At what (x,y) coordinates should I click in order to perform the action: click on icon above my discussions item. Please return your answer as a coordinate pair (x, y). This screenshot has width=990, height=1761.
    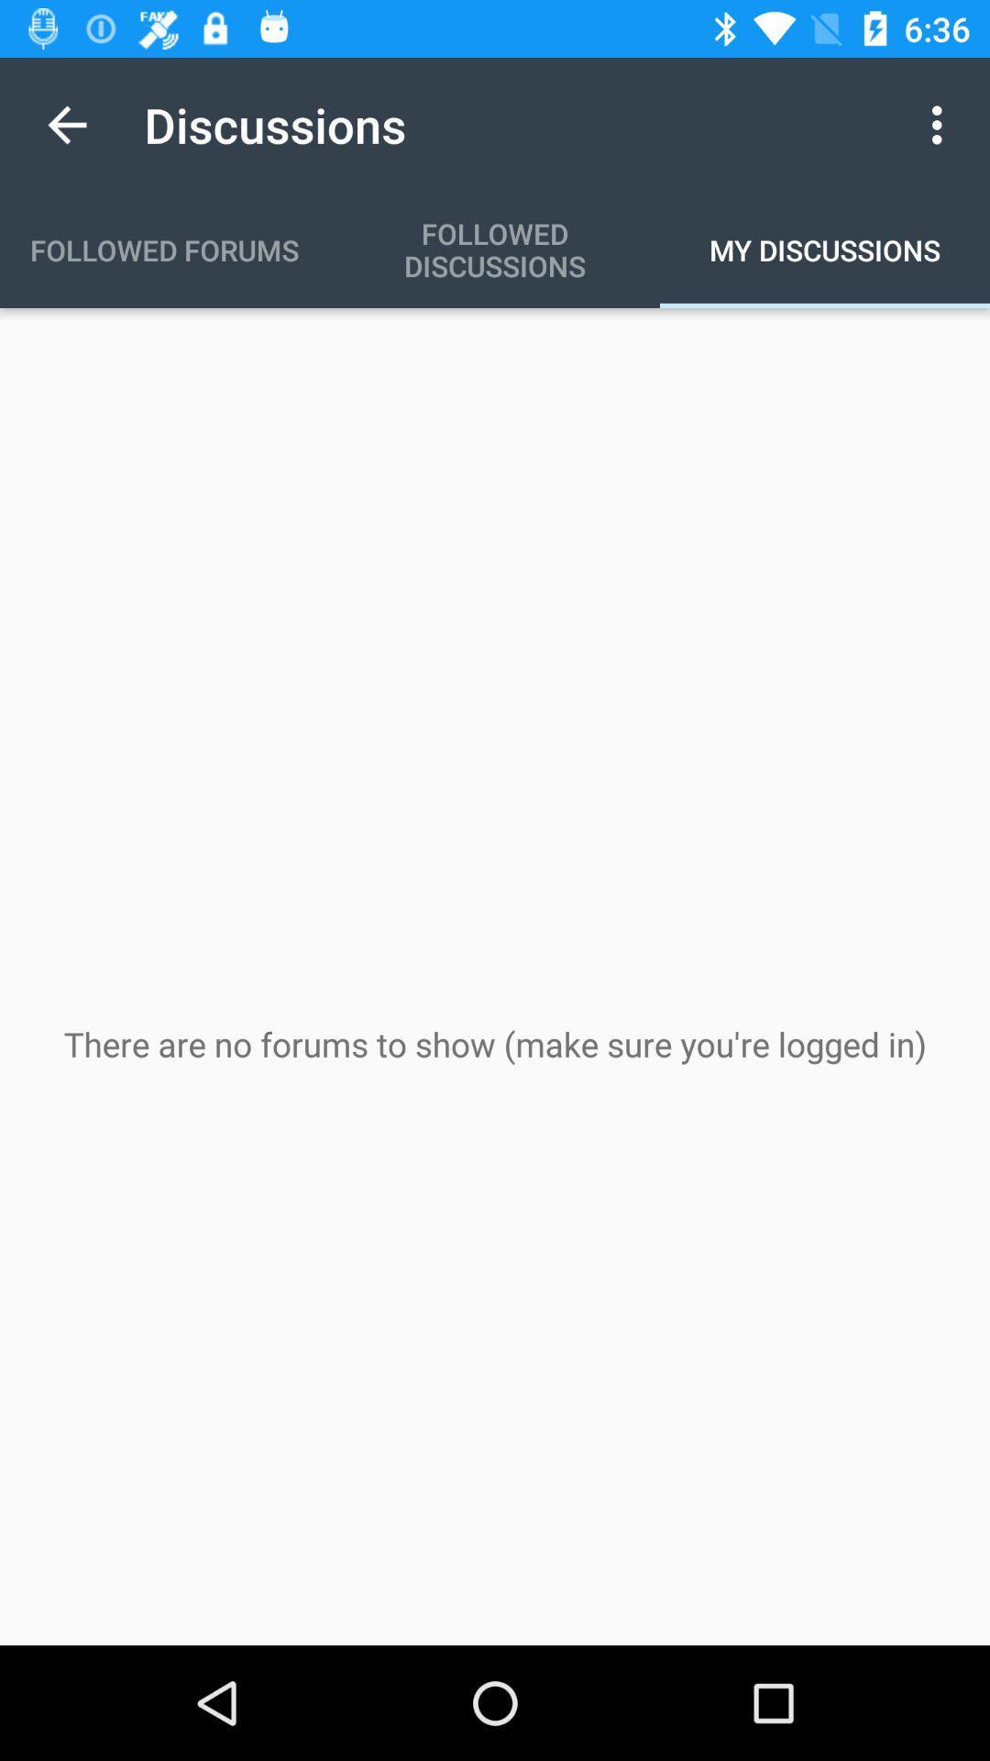
    Looking at the image, I should click on (941, 124).